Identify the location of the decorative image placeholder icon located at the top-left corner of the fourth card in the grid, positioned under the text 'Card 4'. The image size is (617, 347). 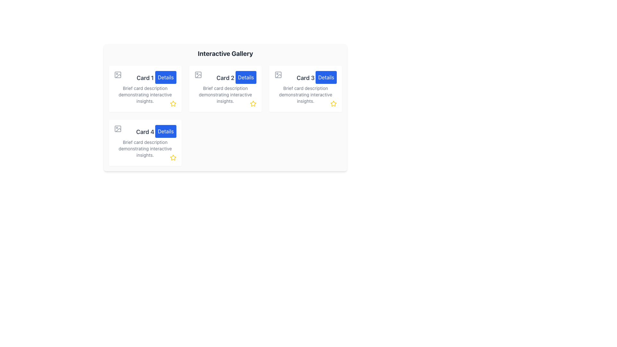
(118, 129).